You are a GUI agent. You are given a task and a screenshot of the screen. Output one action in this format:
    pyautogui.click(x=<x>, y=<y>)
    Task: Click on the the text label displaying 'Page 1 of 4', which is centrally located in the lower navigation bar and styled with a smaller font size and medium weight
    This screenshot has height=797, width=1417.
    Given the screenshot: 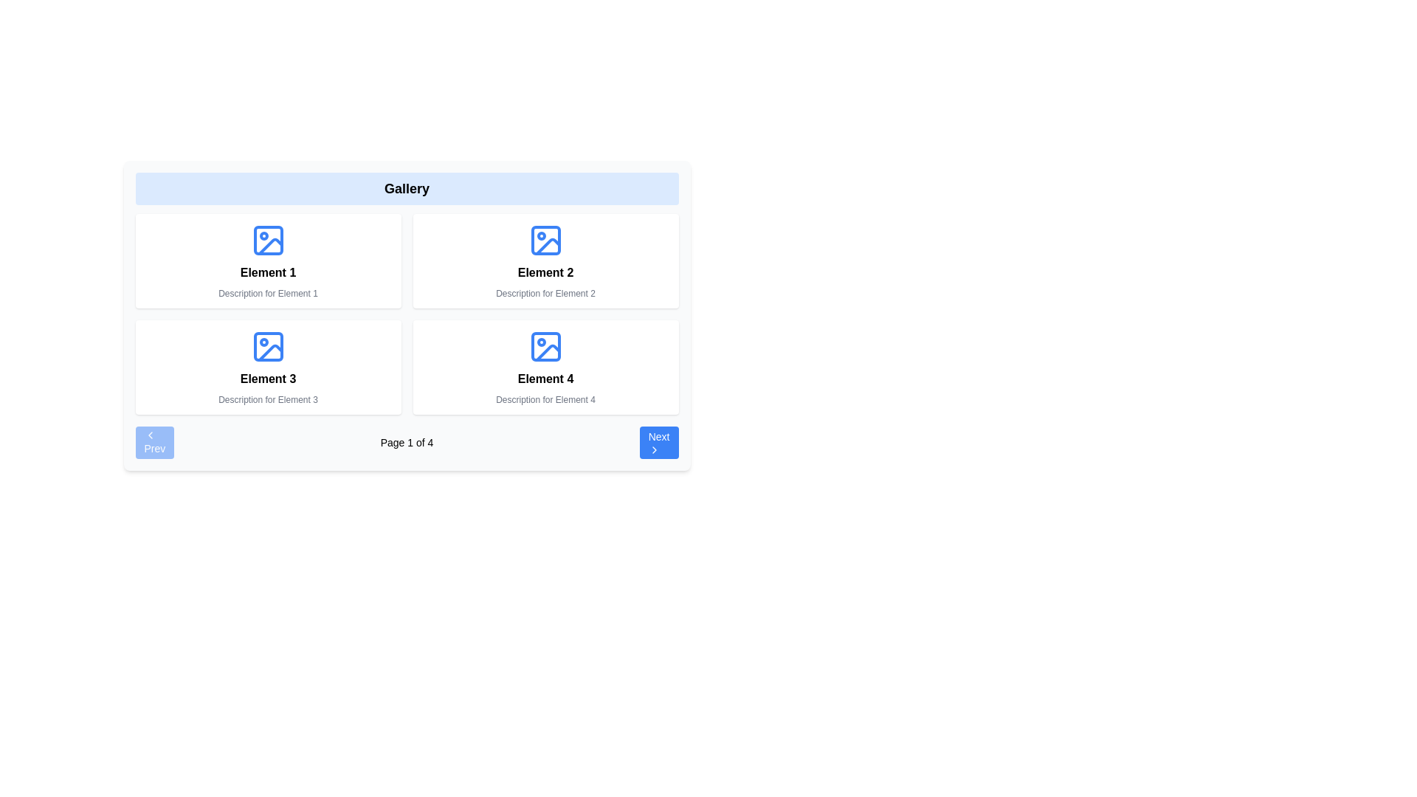 What is the action you would take?
    pyautogui.click(x=407, y=442)
    